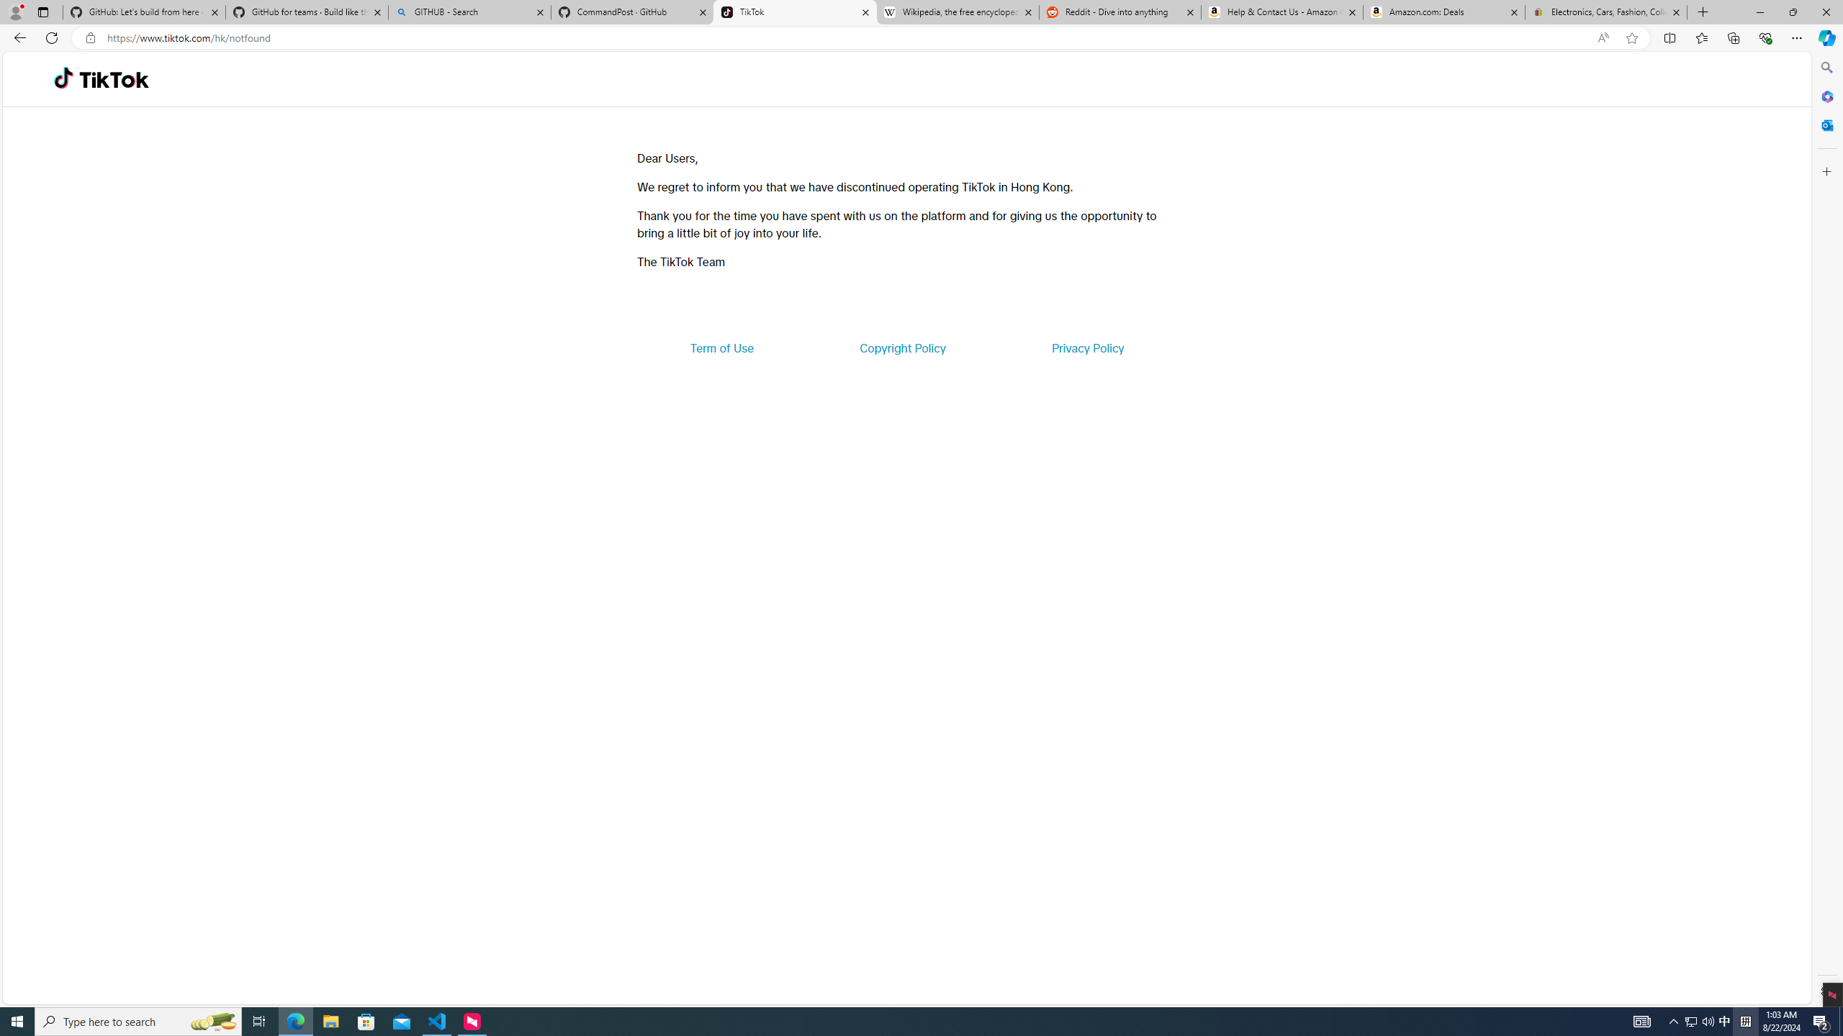  What do you see at coordinates (1086, 347) in the screenshot?
I see `'Privacy Policy'` at bounding box center [1086, 347].